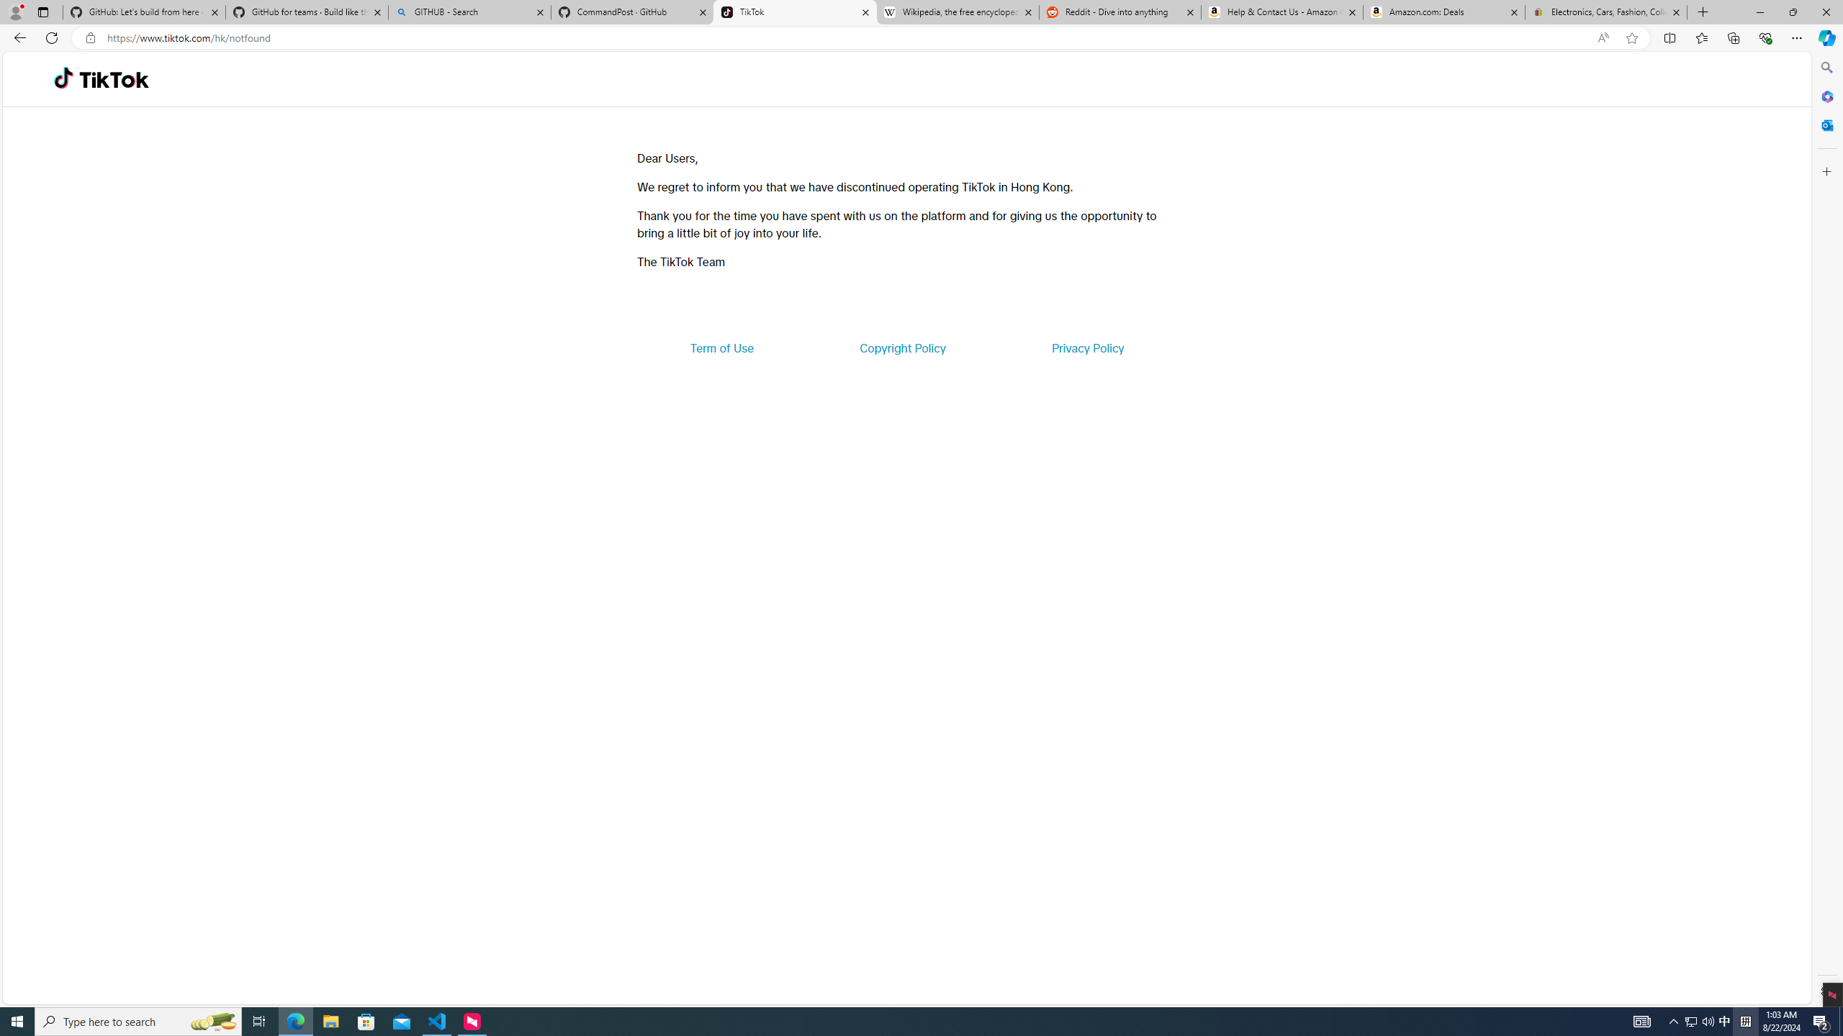  What do you see at coordinates (1086, 347) in the screenshot?
I see `'Privacy Policy'` at bounding box center [1086, 347].